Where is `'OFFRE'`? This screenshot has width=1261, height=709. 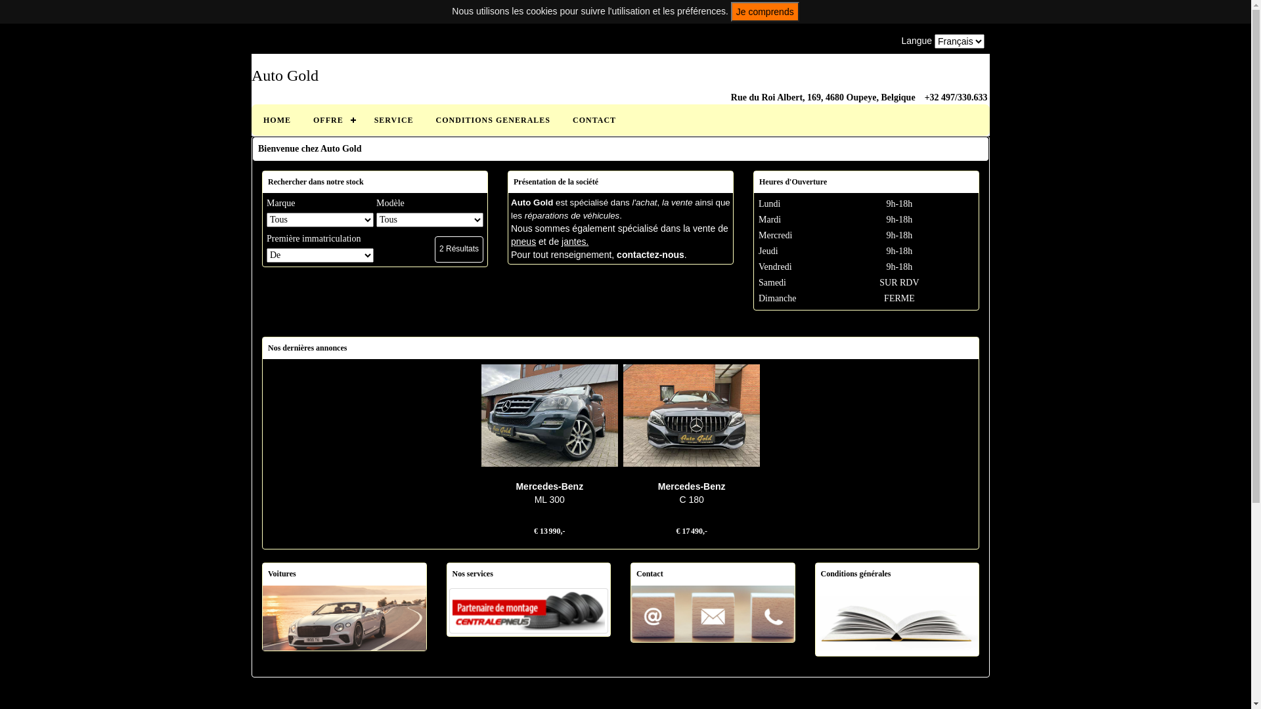 'OFFRE' is located at coordinates (332, 119).